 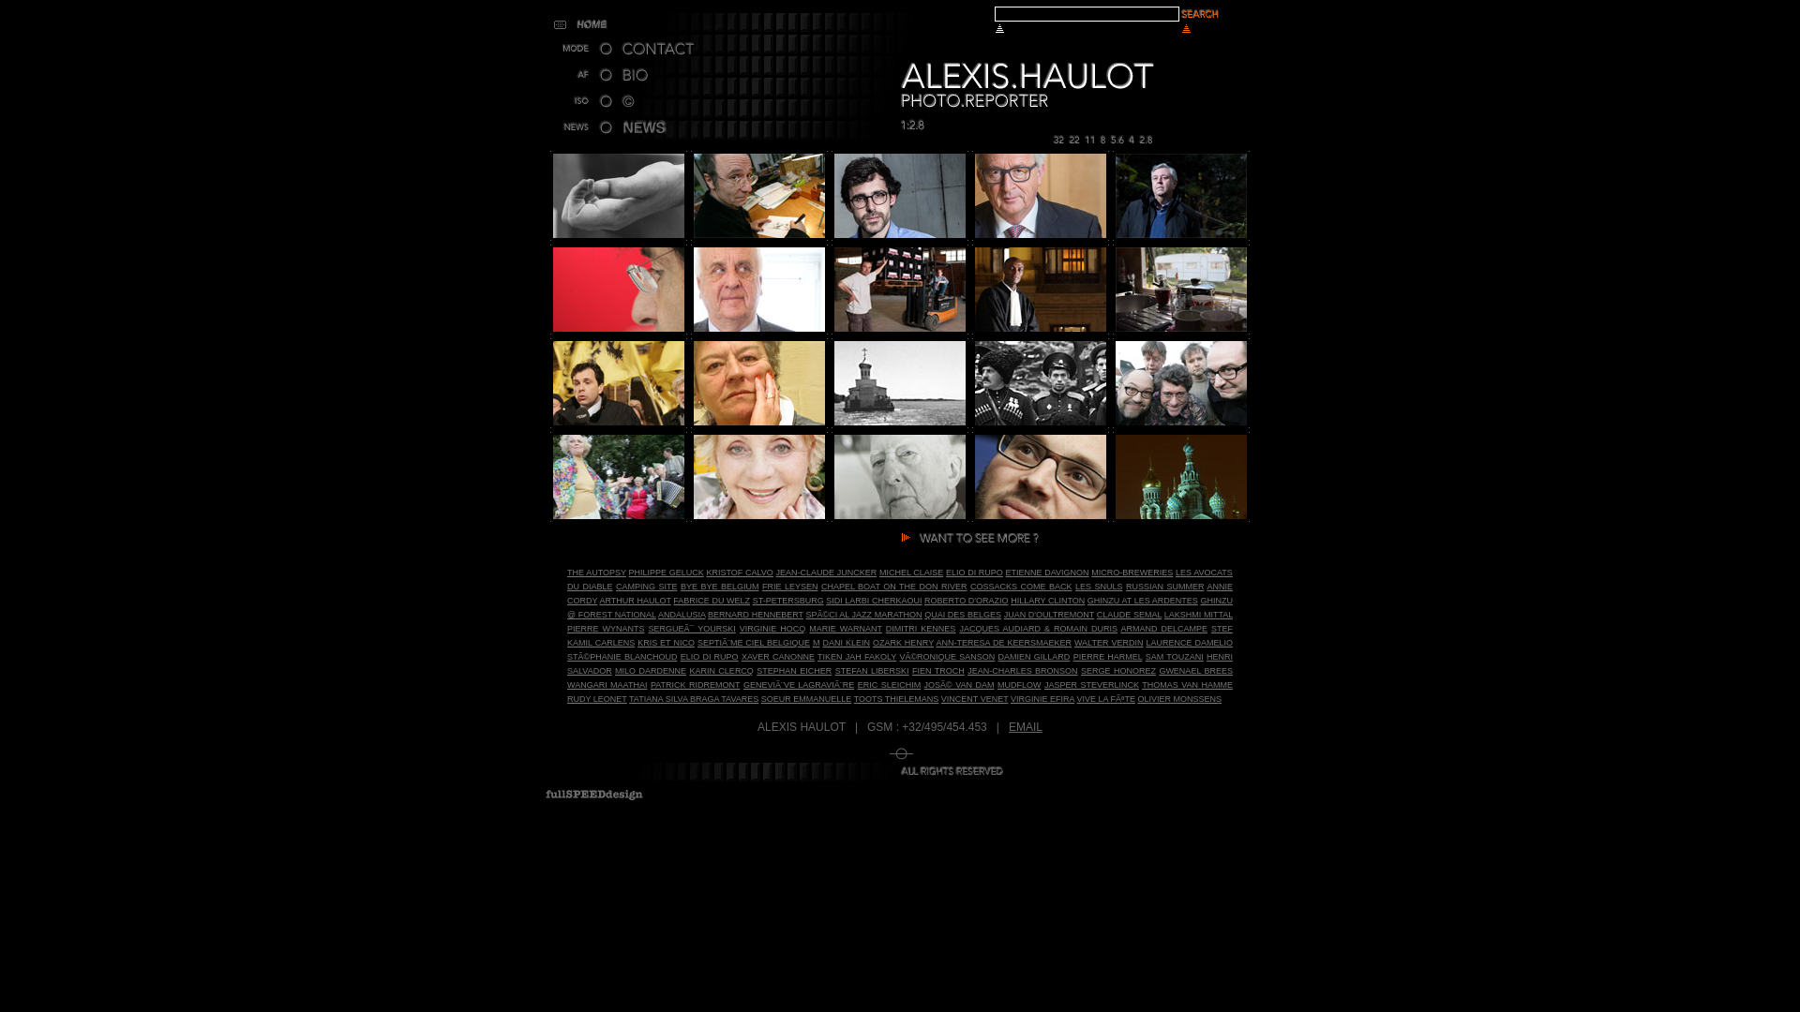 I want to click on 'OZARK HENRY', so click(x=903, y=642).